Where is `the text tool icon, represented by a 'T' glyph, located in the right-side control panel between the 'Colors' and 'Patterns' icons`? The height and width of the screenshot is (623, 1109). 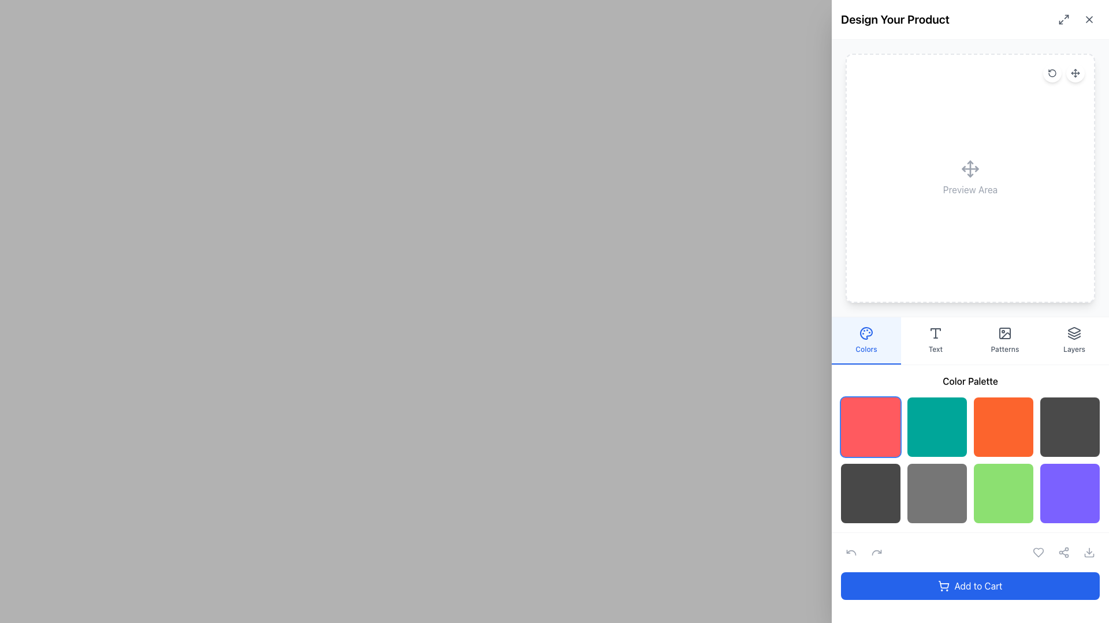 the text tool icon, represented by a 'T' glyph, located in the right-side control panel between the 'Colors' and 'Patterns' icons is located at coordinates (936, 333).